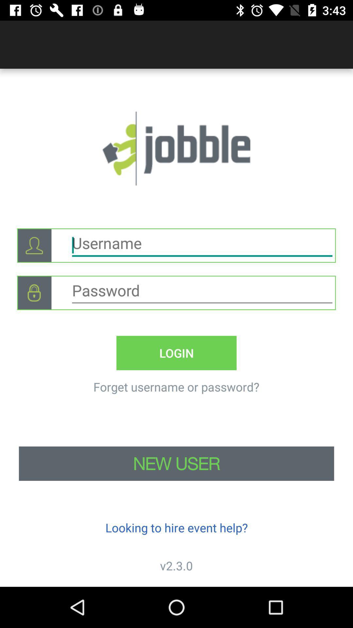 The height and width of the screenshot is (628, 353). What do you see at coordinates (176, 565) in the screenshot?
I see `the item below the looking to hire` at bounding box center [176, 565].